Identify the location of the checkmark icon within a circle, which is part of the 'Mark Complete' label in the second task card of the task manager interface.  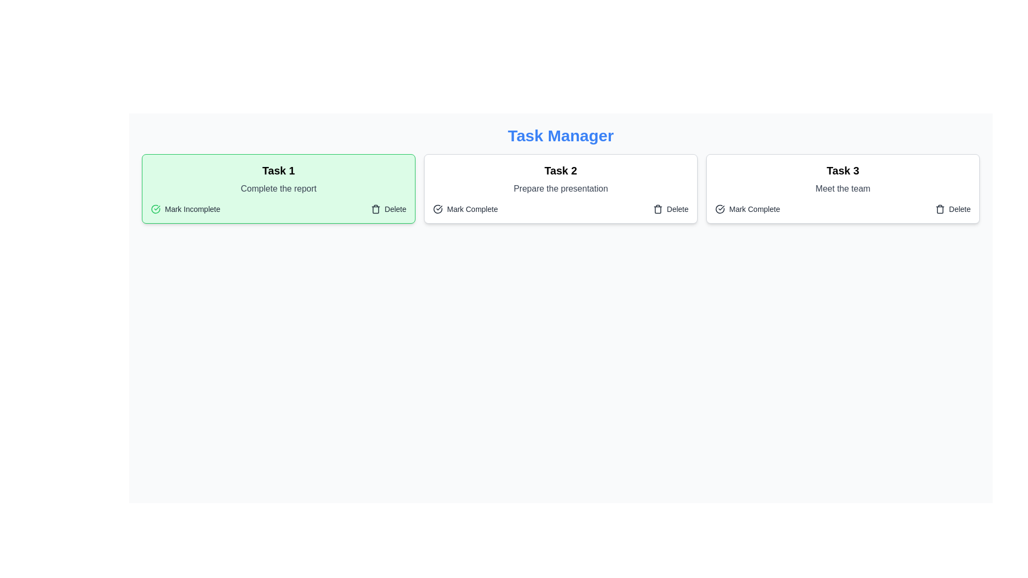
(437, 209).